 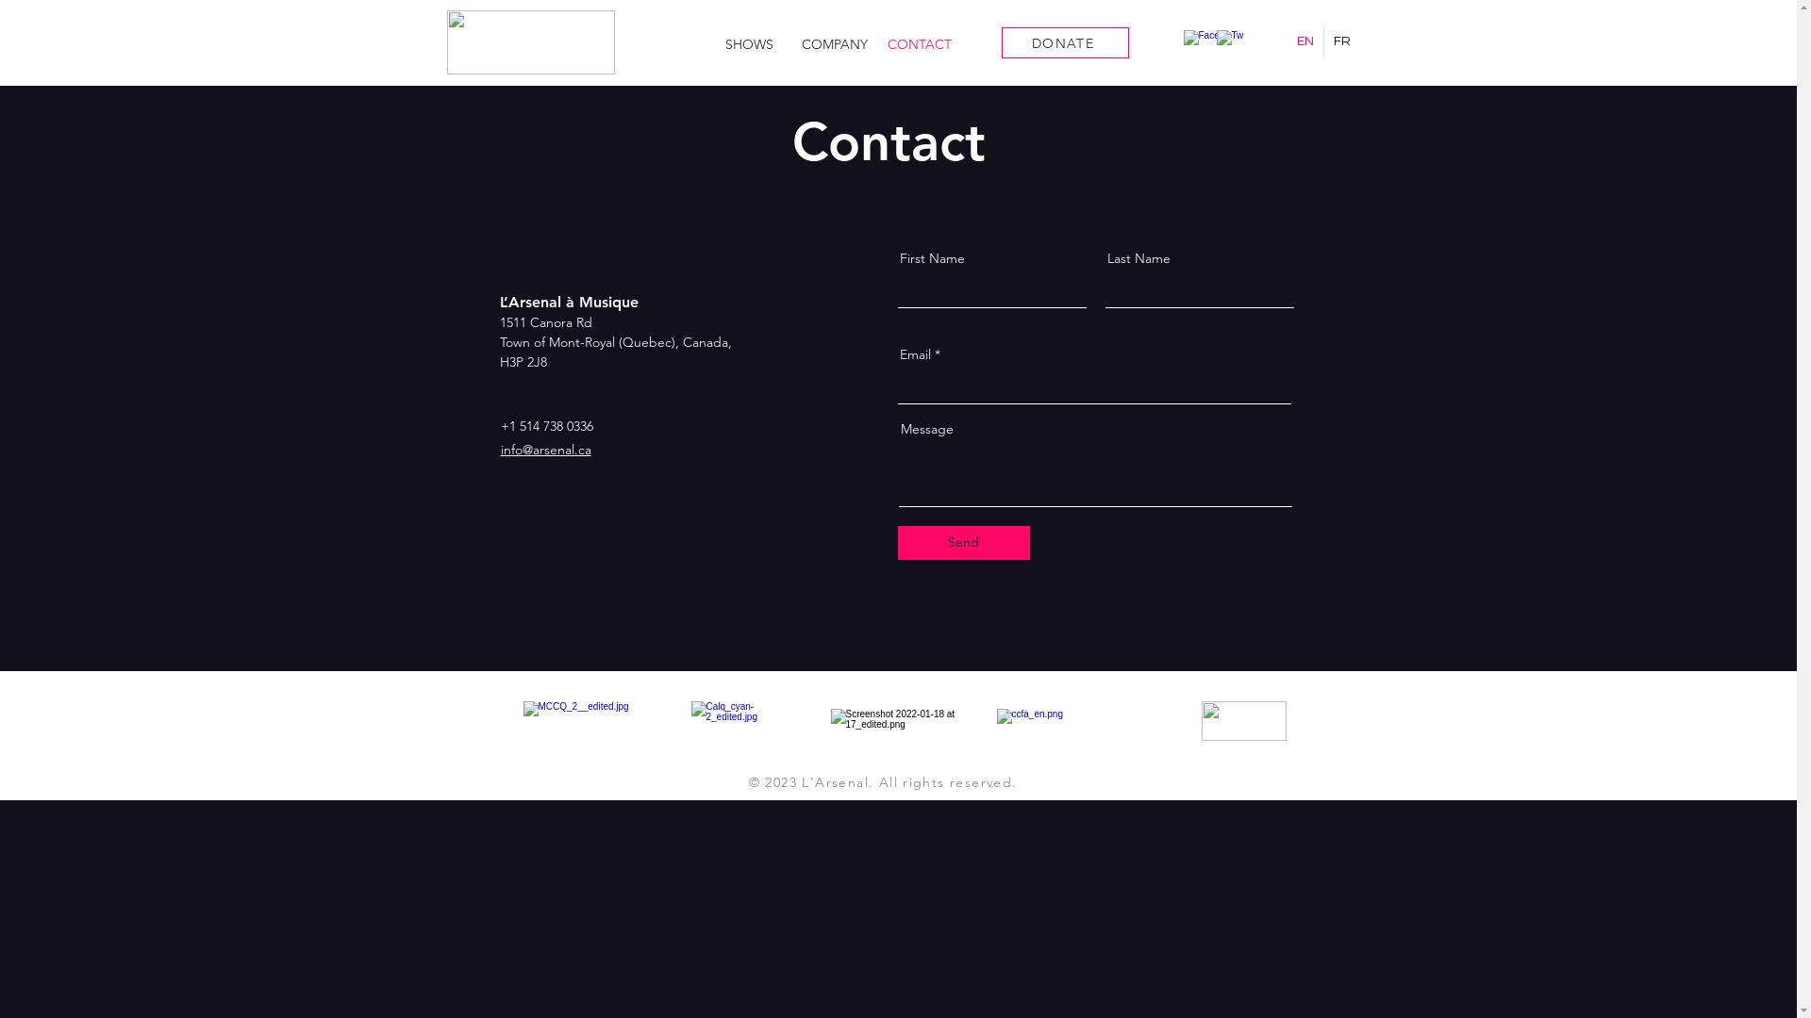 I want to click on 'EN', so click(x=1304, y=42).